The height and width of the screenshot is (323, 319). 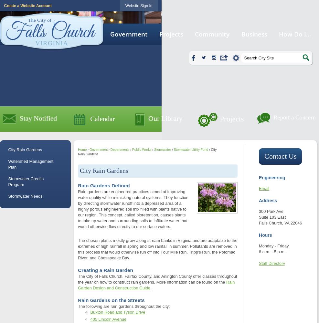 I want to click on 'Monday - Friday', so click(x=273, y=246).